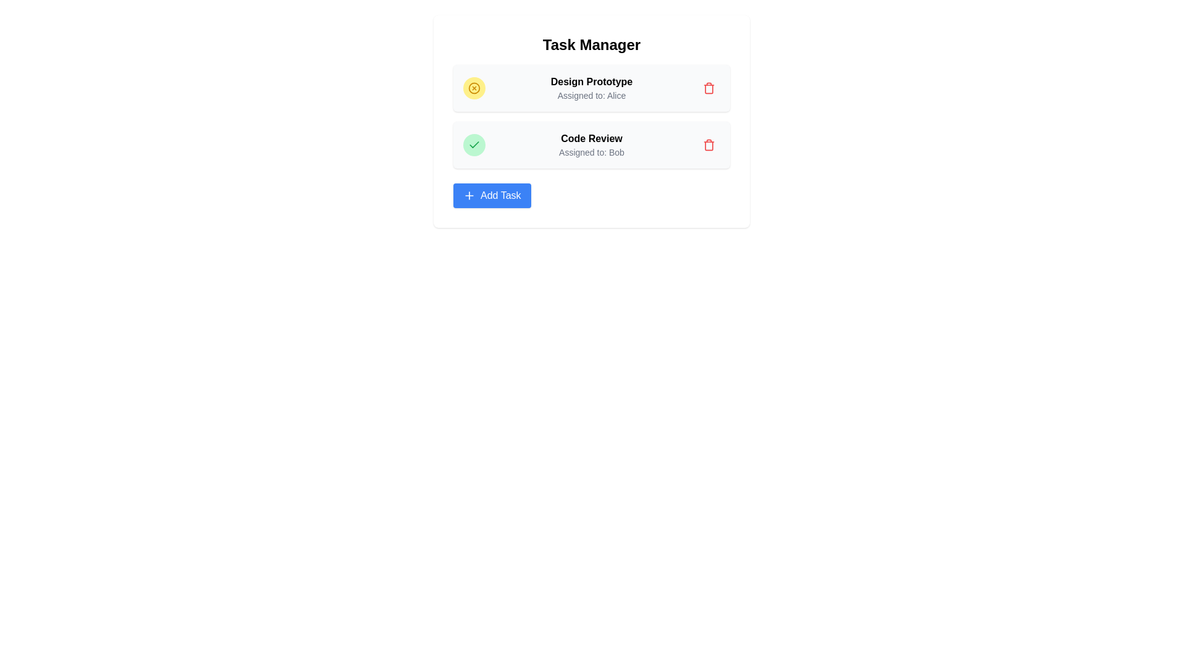 The height and width of the screenshot is (667, 1186). What do you see at coordinates (468, 195) in the screenshot?
I see `the icon within the blue 'Add Task' button located at the bottom of the task management interface, which serves as a visual cue for adding a new task` at bounding box center [468, 195].